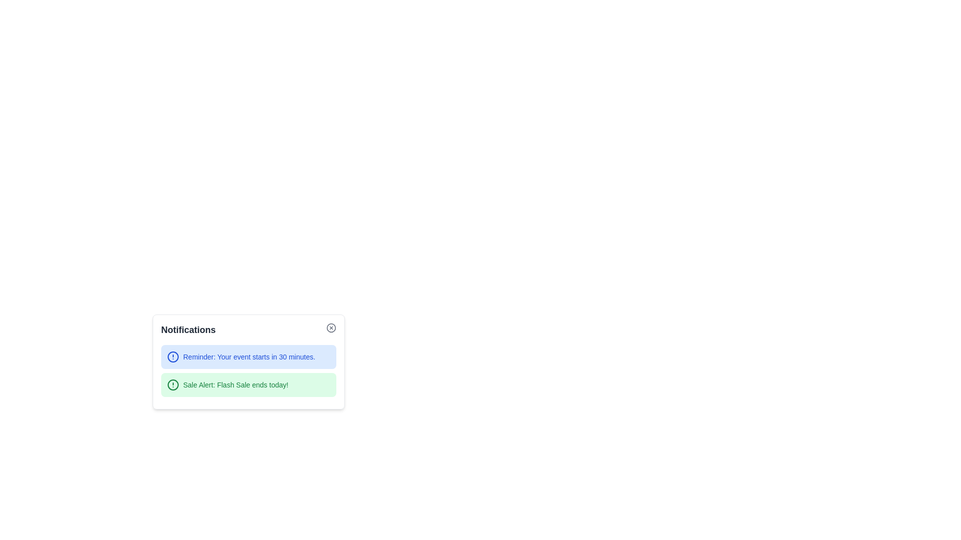  I want to click on the green circular icon within the notification card that is adjacent to the text 'Sale Alert: Flash Sale ends today!', so click(173, 384).